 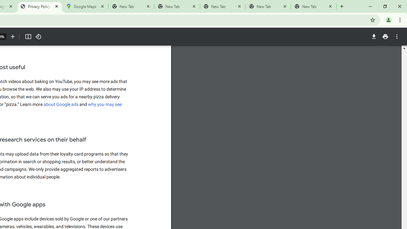 What do you see at coordinates (374, 37) in the screenshot?
I see `'Download'` at bounding box center [374, 37].